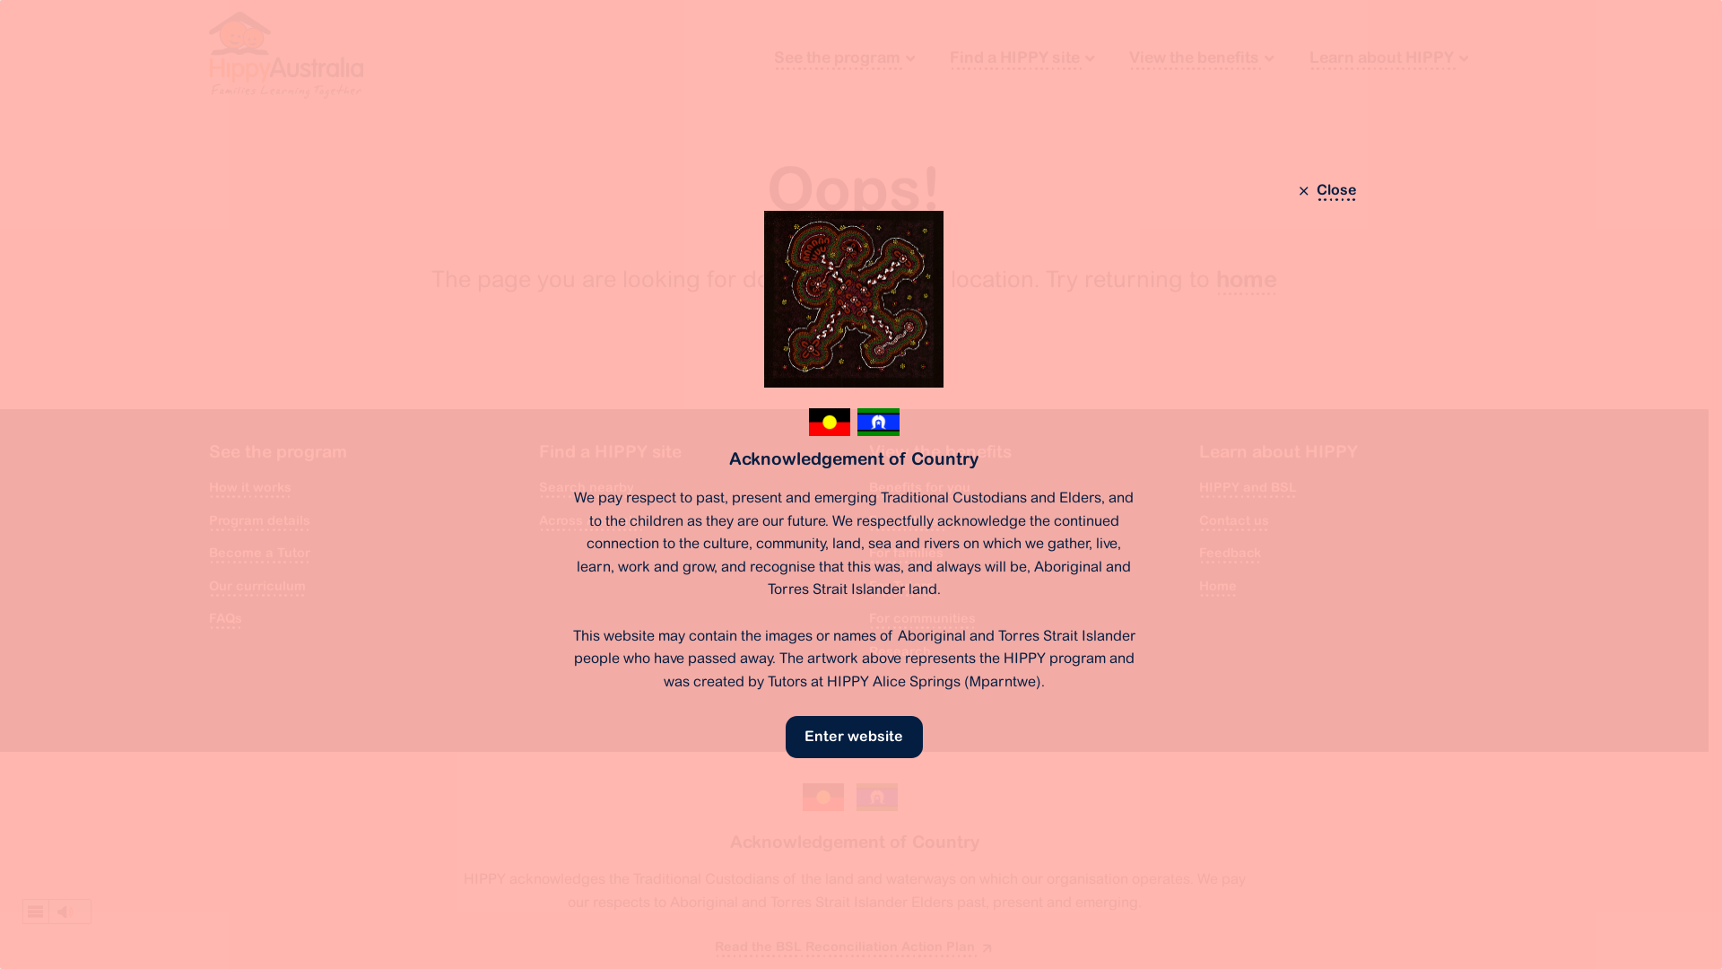 The height and width of the screenshot is (969, 1722). I want to click on 'How it works', so click(207, 487).